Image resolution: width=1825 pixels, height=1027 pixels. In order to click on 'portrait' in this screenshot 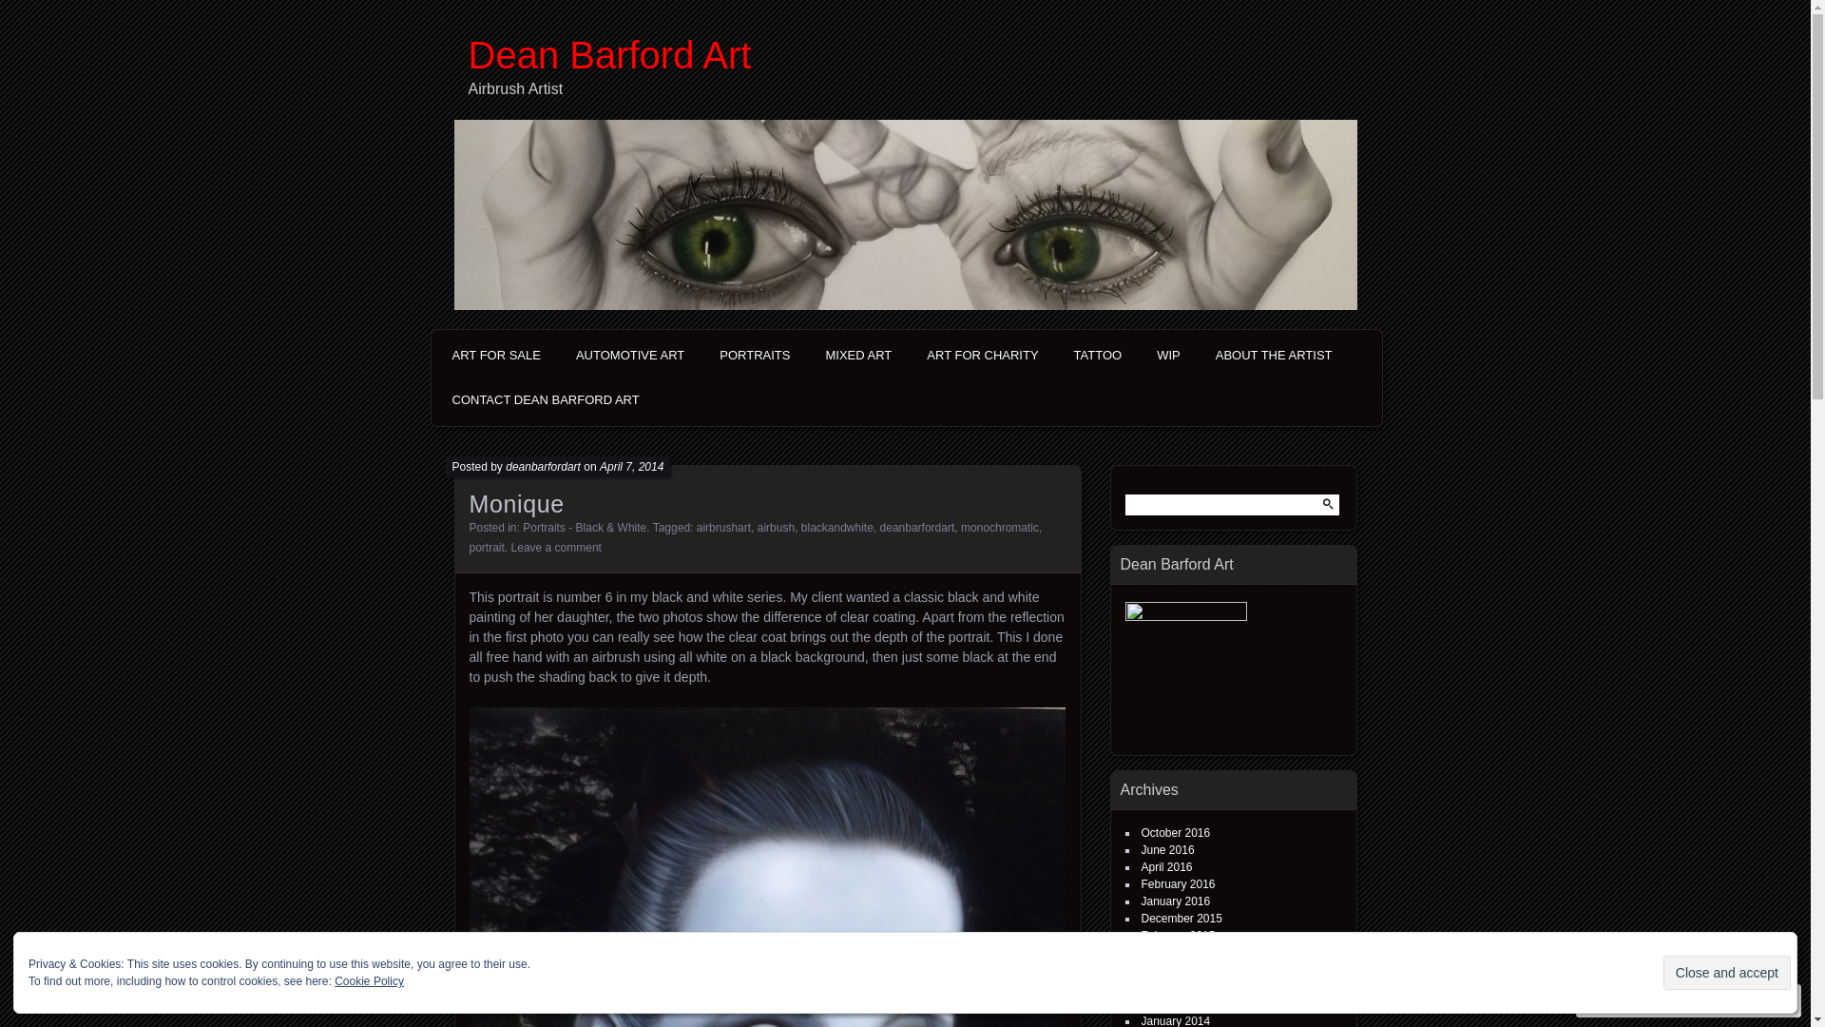, I will do `click(487, 547)`.